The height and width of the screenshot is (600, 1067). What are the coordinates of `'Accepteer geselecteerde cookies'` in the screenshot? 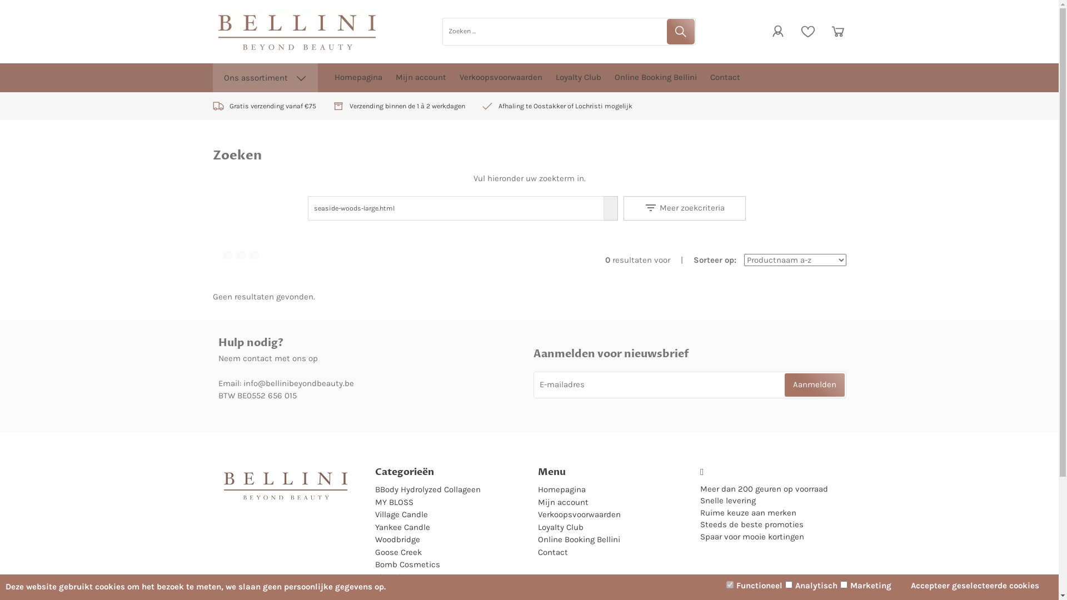 It's located at (979, 584).